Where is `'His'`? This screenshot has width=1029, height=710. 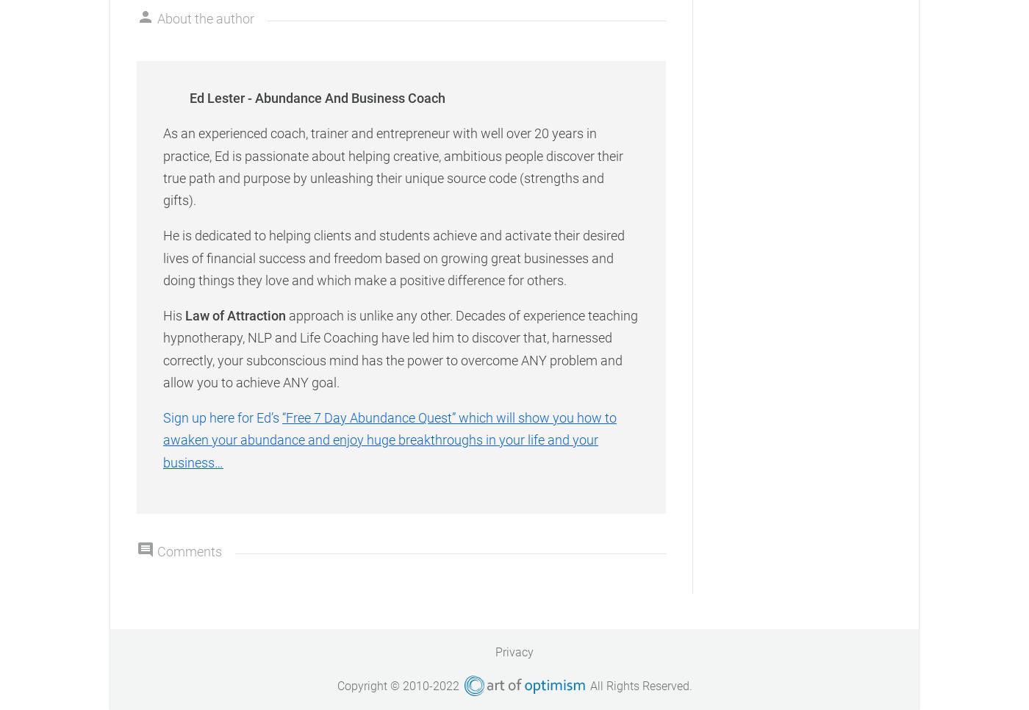
'His' is located at coordinates (174, 315).